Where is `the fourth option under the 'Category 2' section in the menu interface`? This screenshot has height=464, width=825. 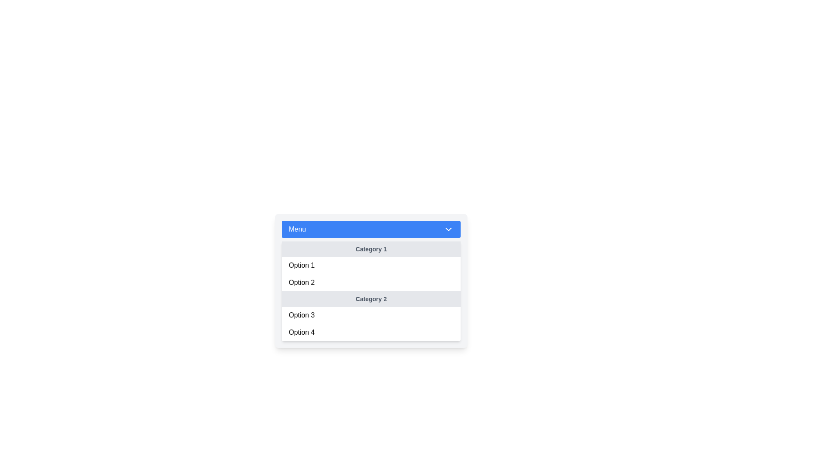
the fourth option under the 'Category 2' section in the menu interface is located at coordinates (371, 332).